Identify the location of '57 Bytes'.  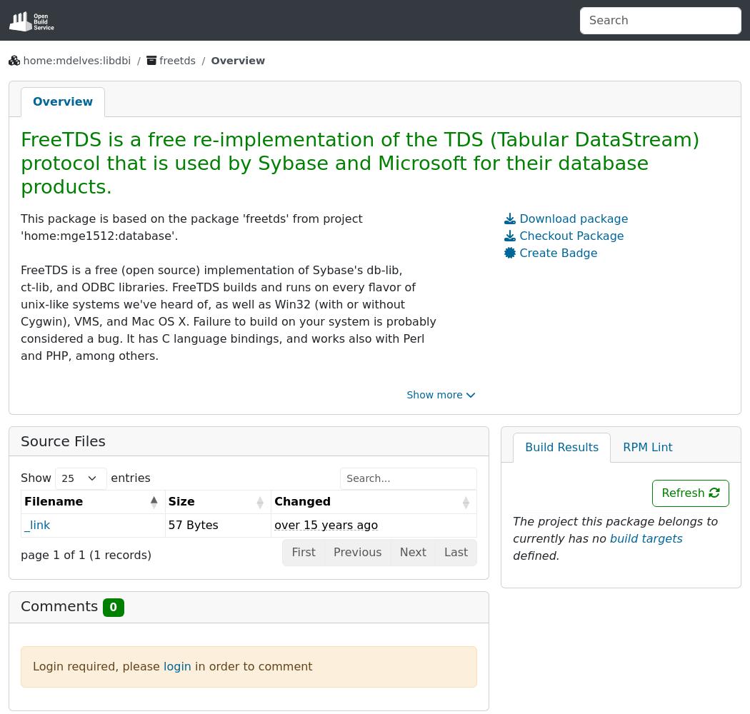
(191, 523).